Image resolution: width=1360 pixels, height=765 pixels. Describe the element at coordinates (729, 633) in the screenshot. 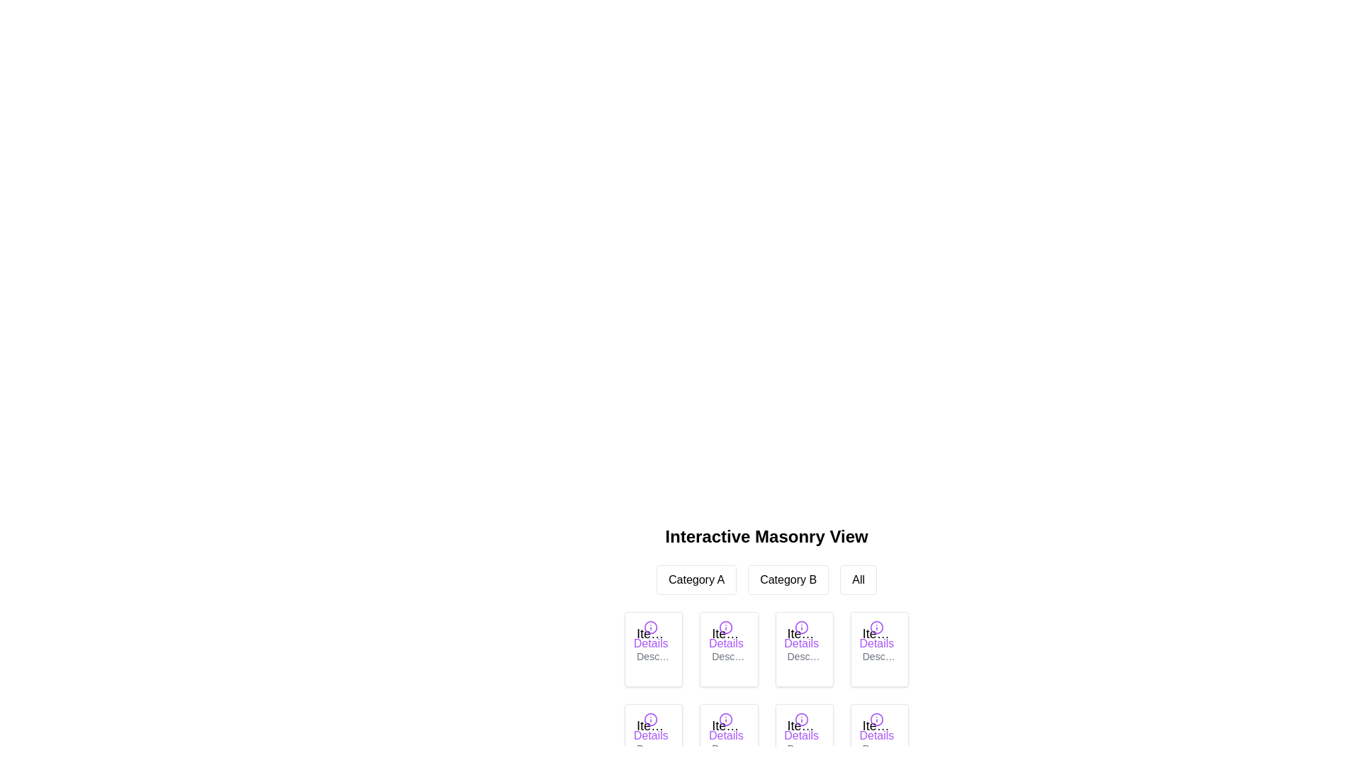

I see `the primary label text located in the upper section of the second card in the grid arrangement, which helps users identify its content` at that location.